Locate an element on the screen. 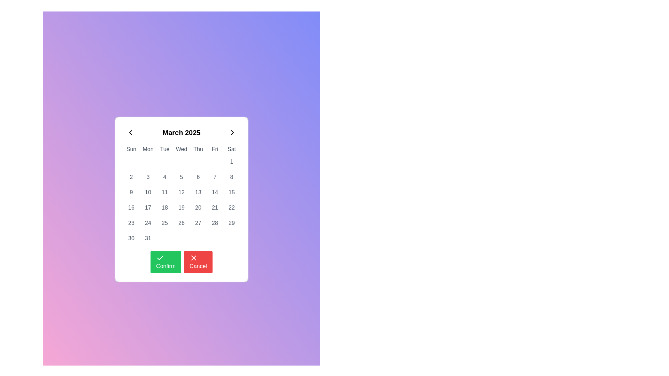 The height and width of the screenshot is (376, 669). the small, discrete dot located in the first row under the 'Sun' column of the calendar interface is located at coordinates (131, 162).